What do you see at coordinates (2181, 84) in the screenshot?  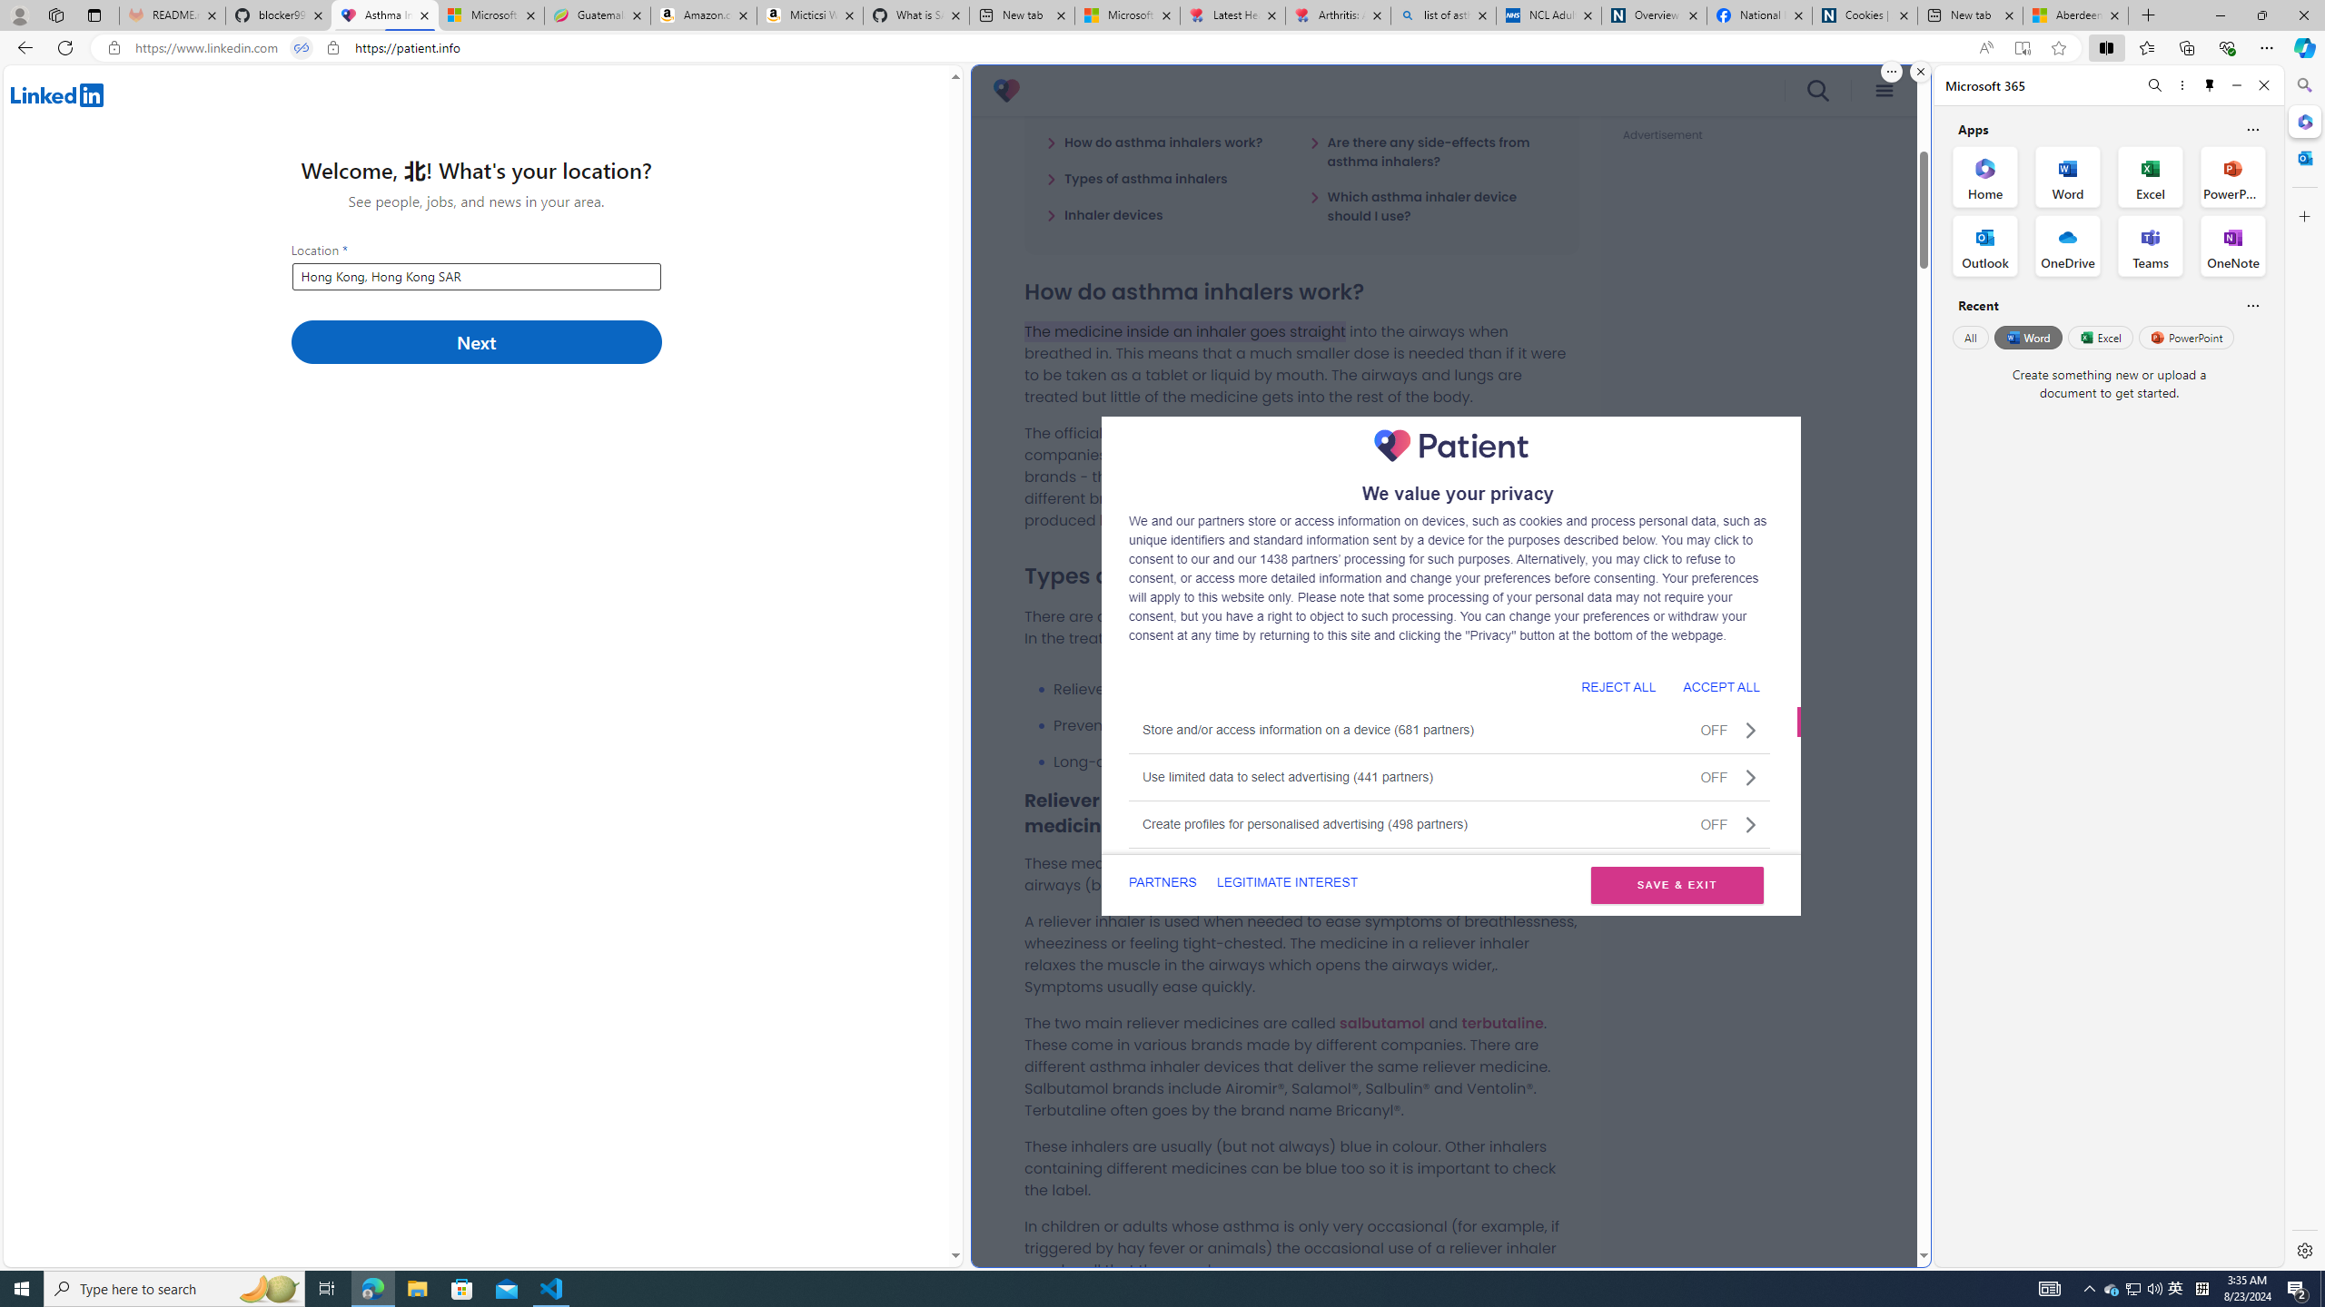 I see `'More options'` at bounding box center [2181, 84].